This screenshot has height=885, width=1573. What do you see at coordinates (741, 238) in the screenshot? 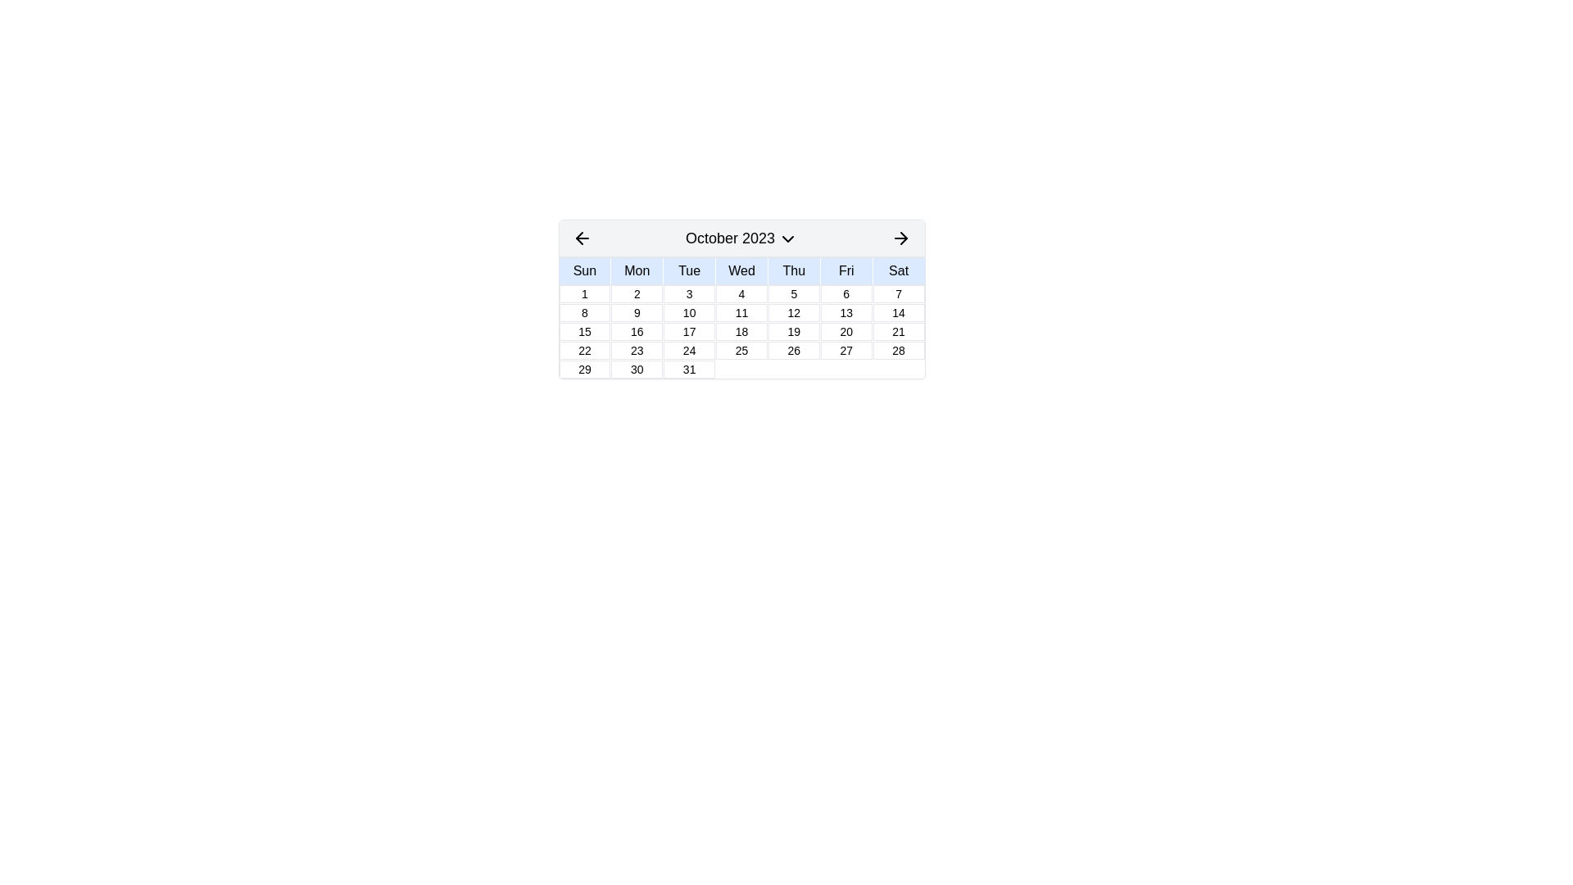
I see `the Dropdown trigger labeled 'October 2023'` at bounding box center [741, 238].